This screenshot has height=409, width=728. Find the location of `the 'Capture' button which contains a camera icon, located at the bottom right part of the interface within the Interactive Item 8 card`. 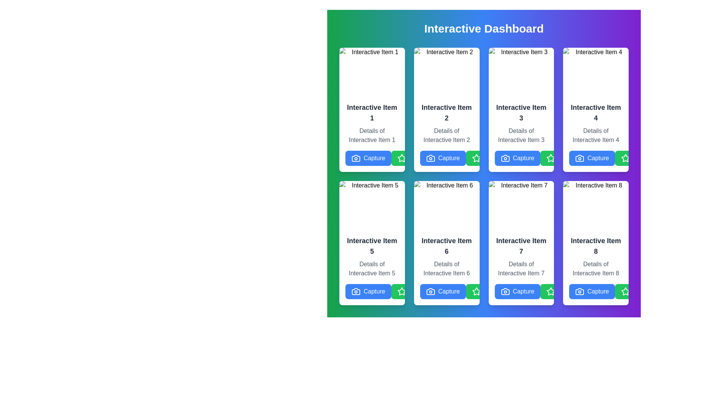

the 'Capture' button which contains a camera icon, located at the bottom right part of the interface within the Interactive Item 8 card is located at coordinates (579, 291).